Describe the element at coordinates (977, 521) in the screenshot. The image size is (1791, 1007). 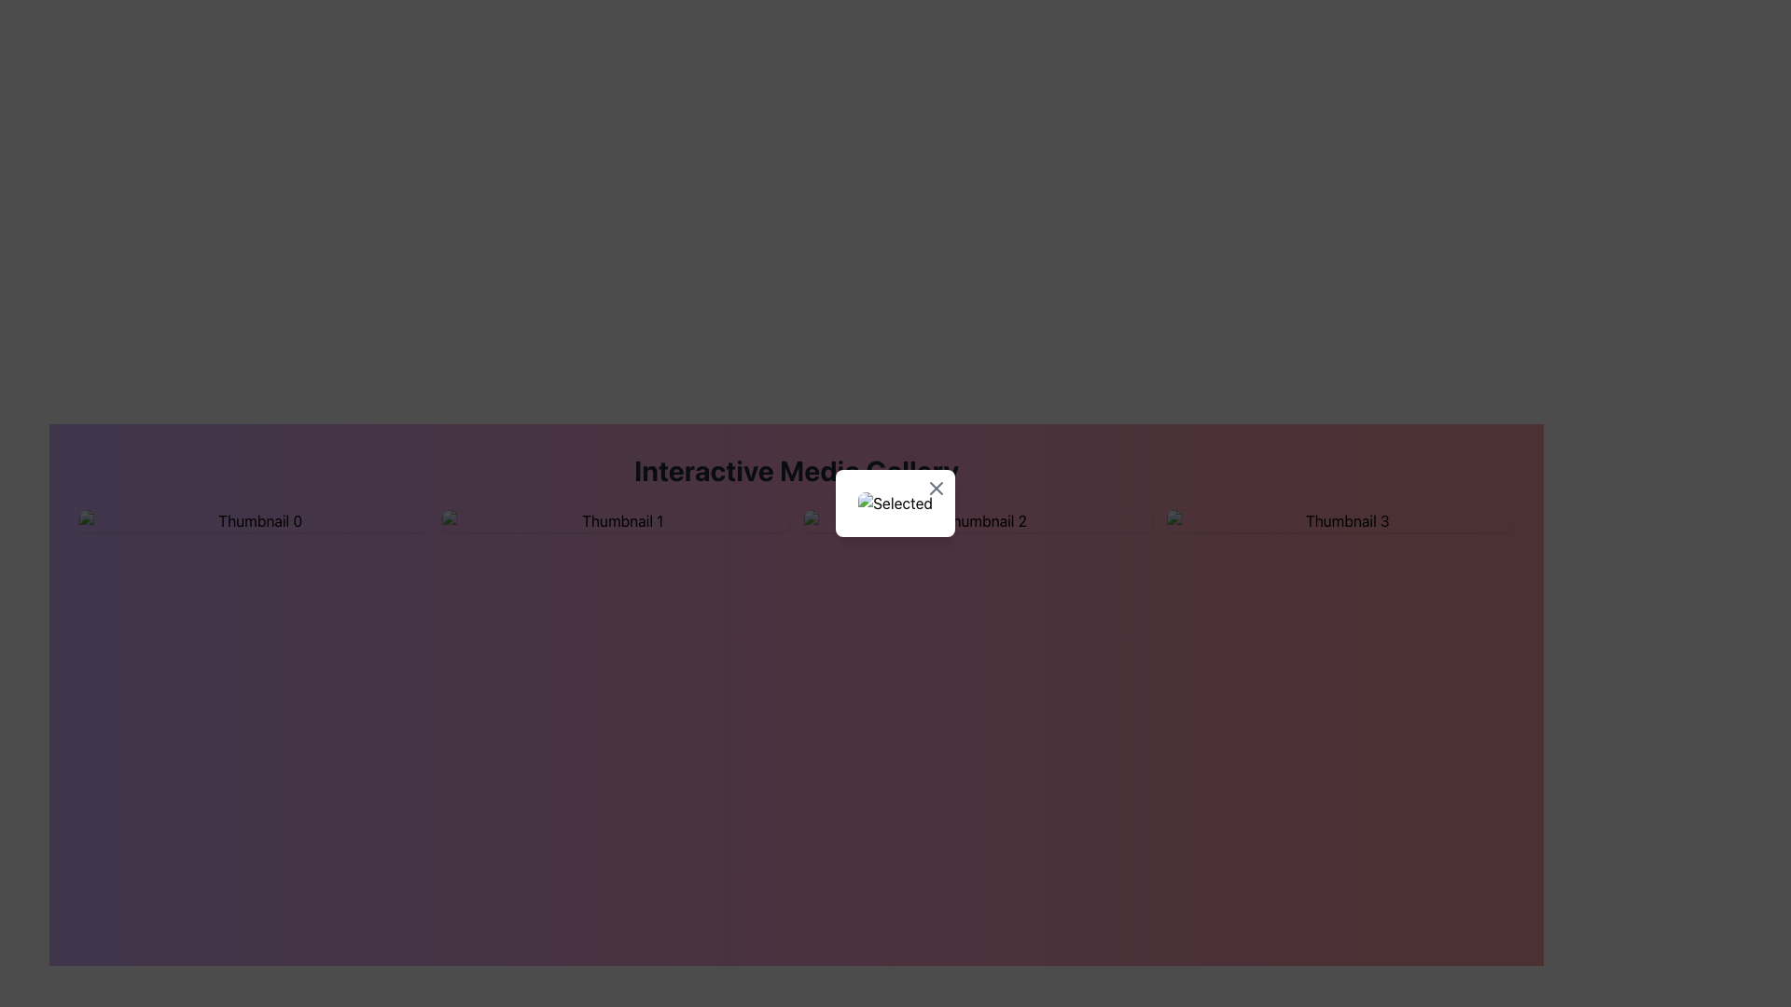
I see `thumbnail labeled 'Thumbnail 2' by clicking on it to view its visual details` at that location.